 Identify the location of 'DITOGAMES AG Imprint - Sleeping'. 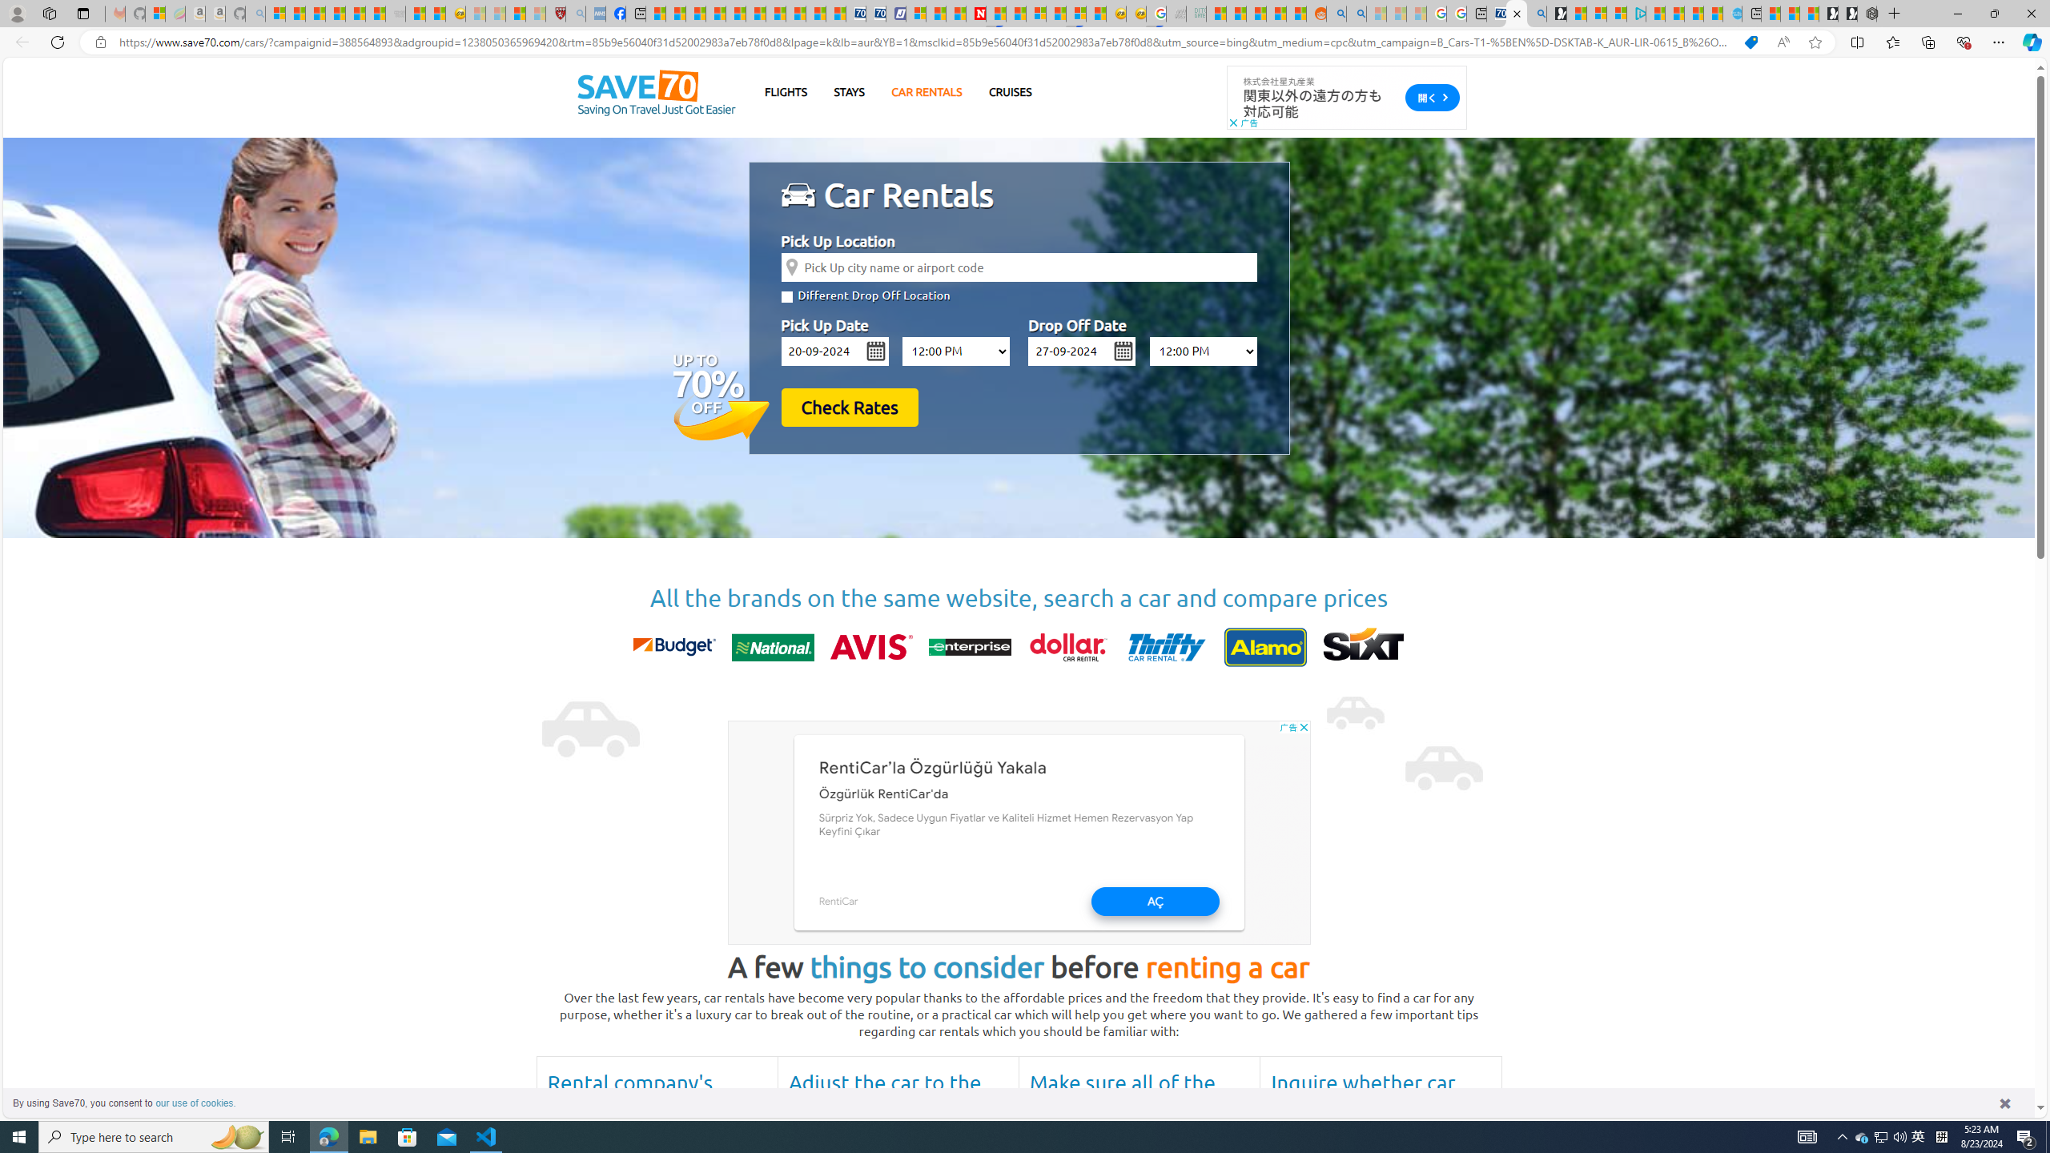
(1195, 13).